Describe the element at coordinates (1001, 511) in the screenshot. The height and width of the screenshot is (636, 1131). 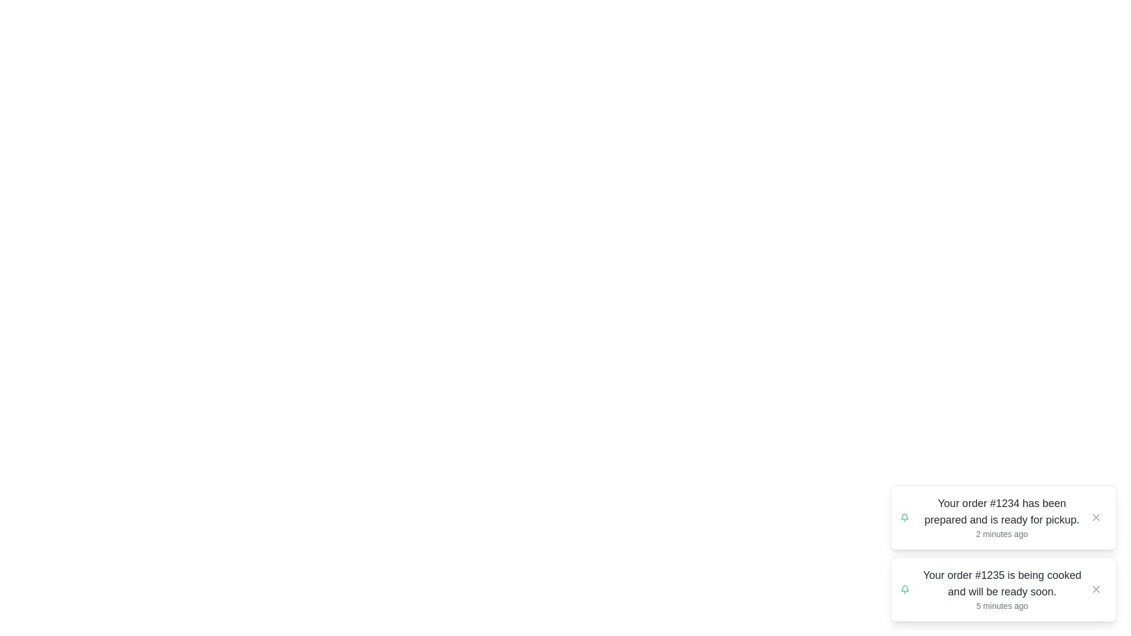
I see `text content of the bold headline stating 'Your order #1234 has been prepared and is ready for pickup.'` at that location.